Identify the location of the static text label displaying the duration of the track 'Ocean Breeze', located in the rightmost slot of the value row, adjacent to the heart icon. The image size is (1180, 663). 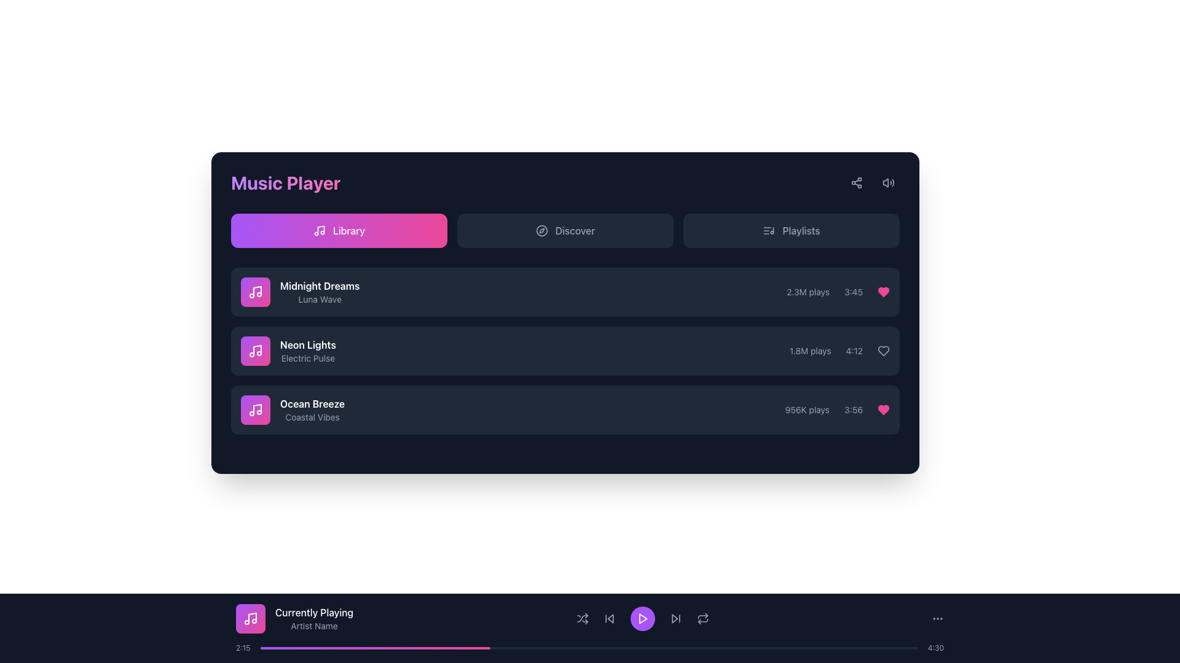
(852, 409).